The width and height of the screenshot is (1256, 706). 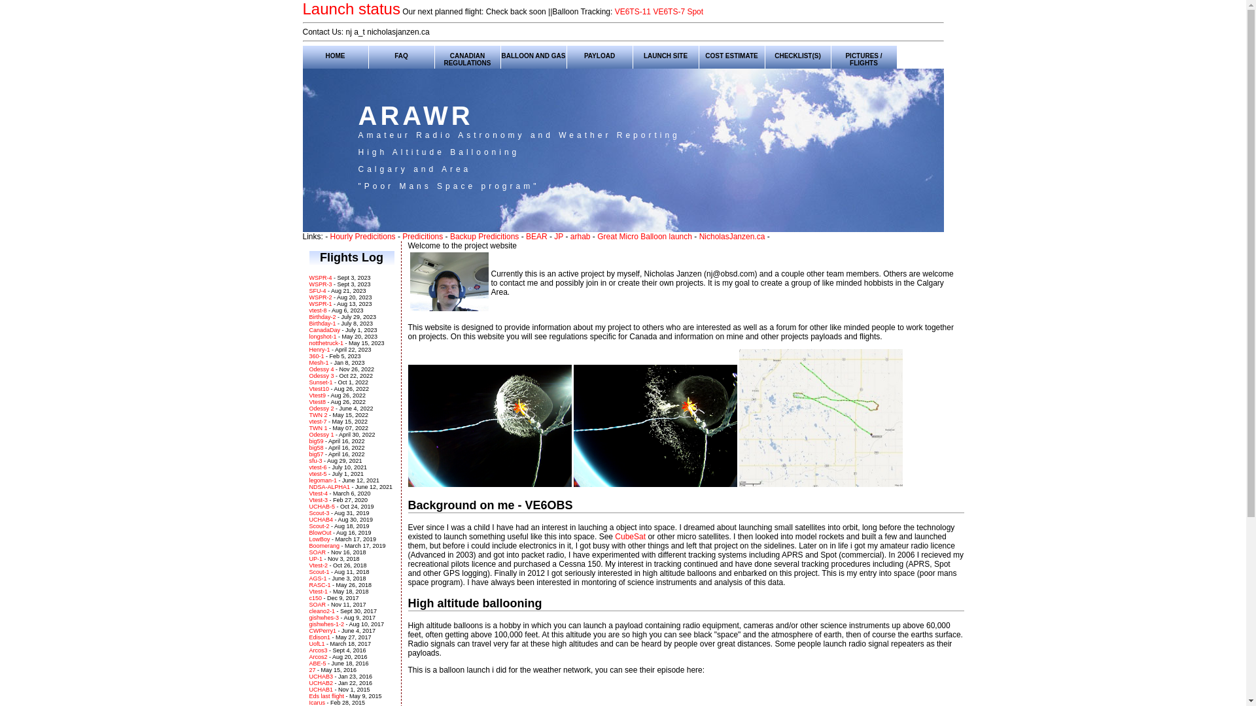 I want to click on 'TWN 1', so click(x=317, y=428).